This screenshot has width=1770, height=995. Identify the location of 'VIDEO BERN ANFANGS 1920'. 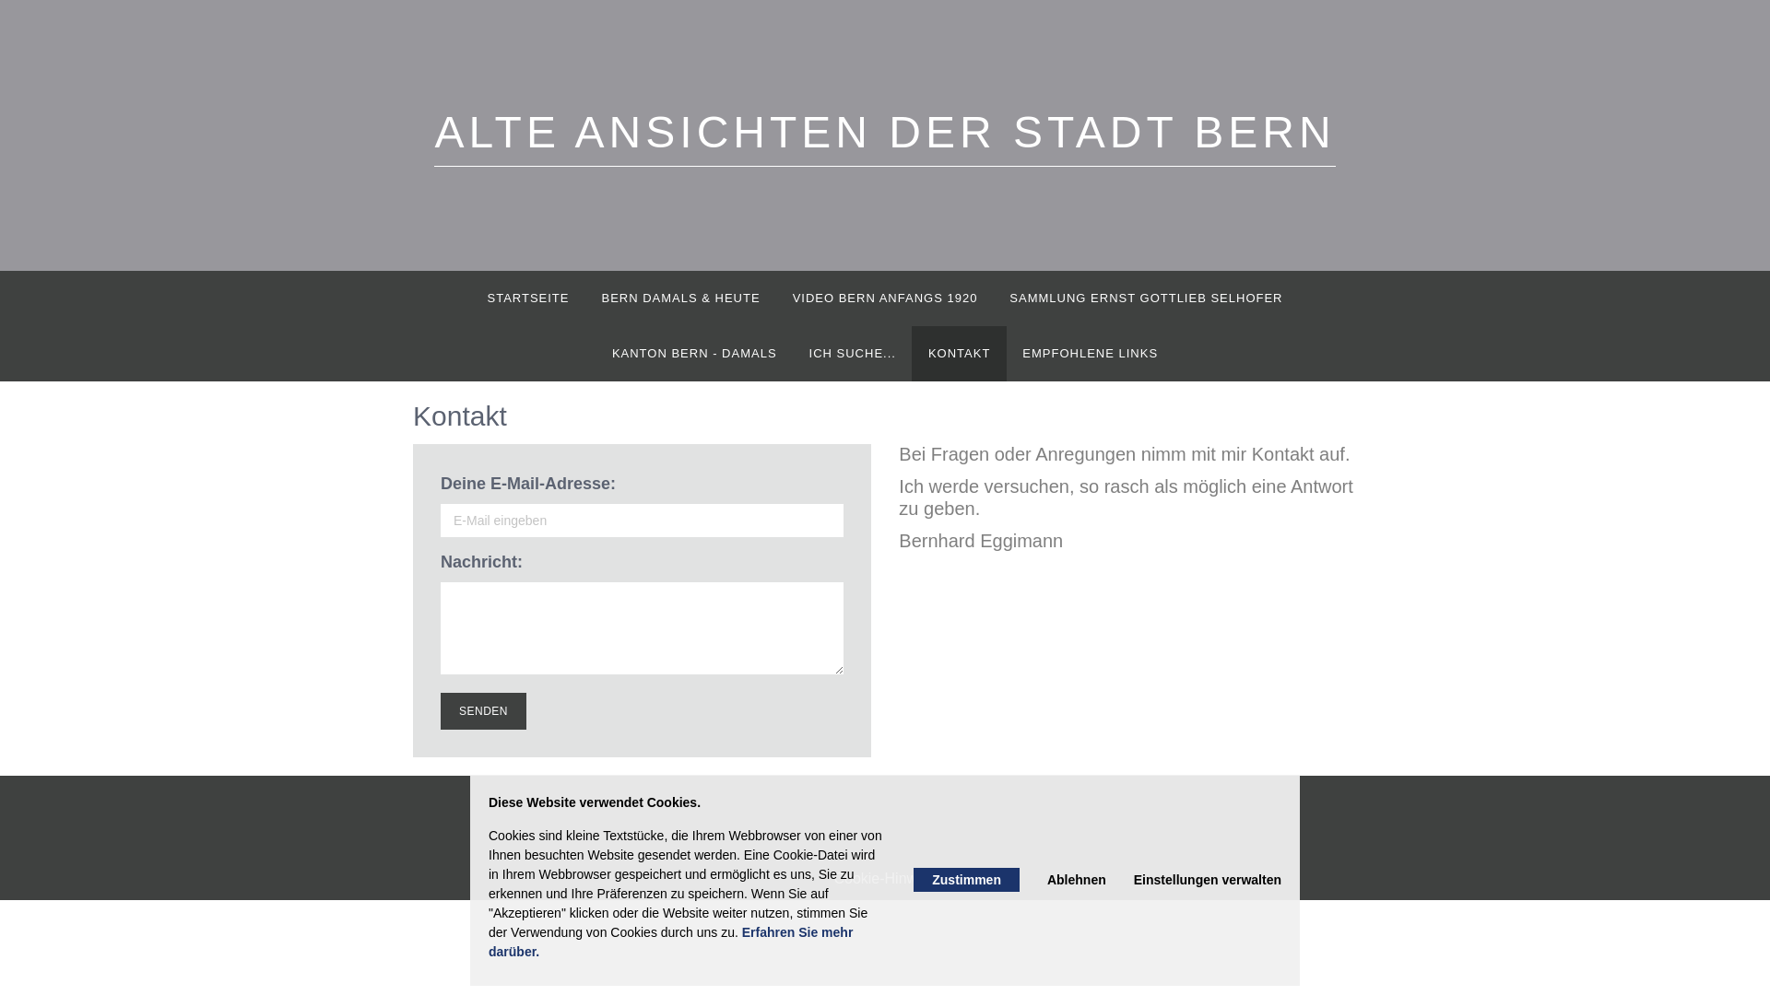
(885, 298).